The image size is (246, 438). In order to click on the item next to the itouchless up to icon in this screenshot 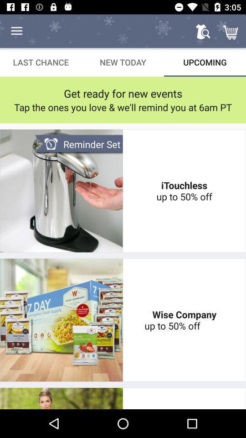, I will do `click(78, 144)`.